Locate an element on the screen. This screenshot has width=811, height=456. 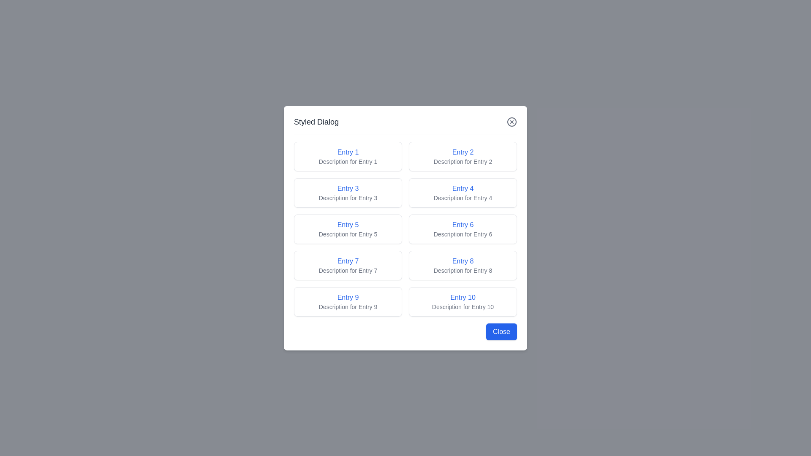
the close button to hide the dialog is located at coordinates (511, 122).